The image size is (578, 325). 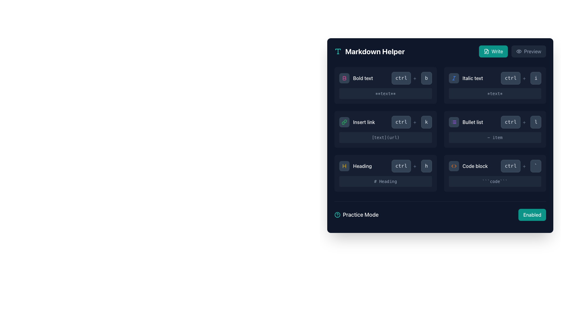 I want to click on the 'ctrl' key button, which represents part of the keyboard shortcut for bold formatting, located at the top left area of the Markdown Helper interface, so click(x=405, y=78).